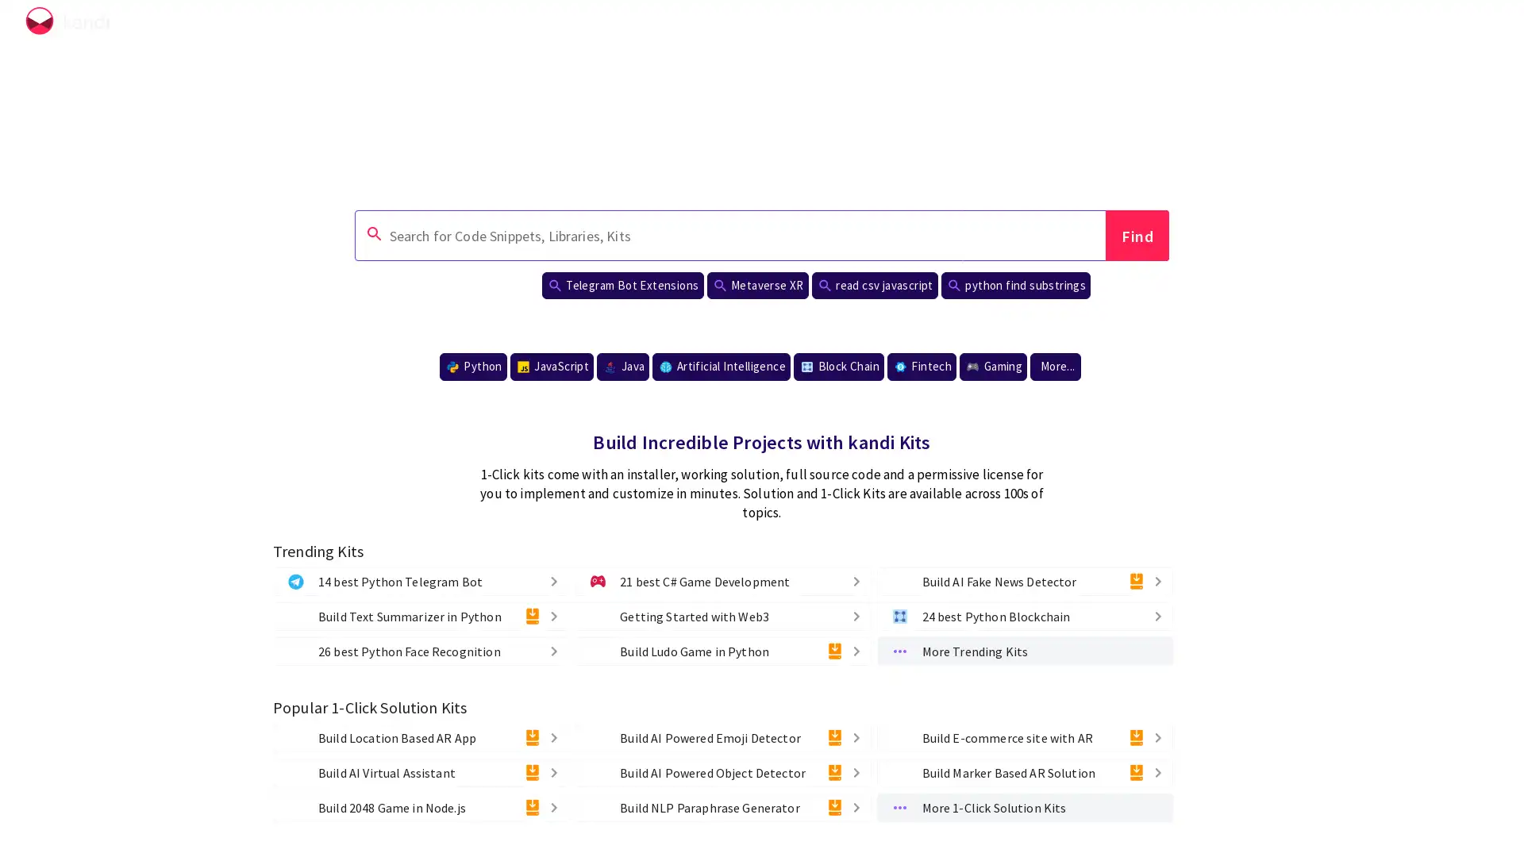 This screenshot has height=857, width=1524. What do you see at coordinates (1440, 25) in the screenshot?
I see `My Kits` at bounding box center [1440, 25].